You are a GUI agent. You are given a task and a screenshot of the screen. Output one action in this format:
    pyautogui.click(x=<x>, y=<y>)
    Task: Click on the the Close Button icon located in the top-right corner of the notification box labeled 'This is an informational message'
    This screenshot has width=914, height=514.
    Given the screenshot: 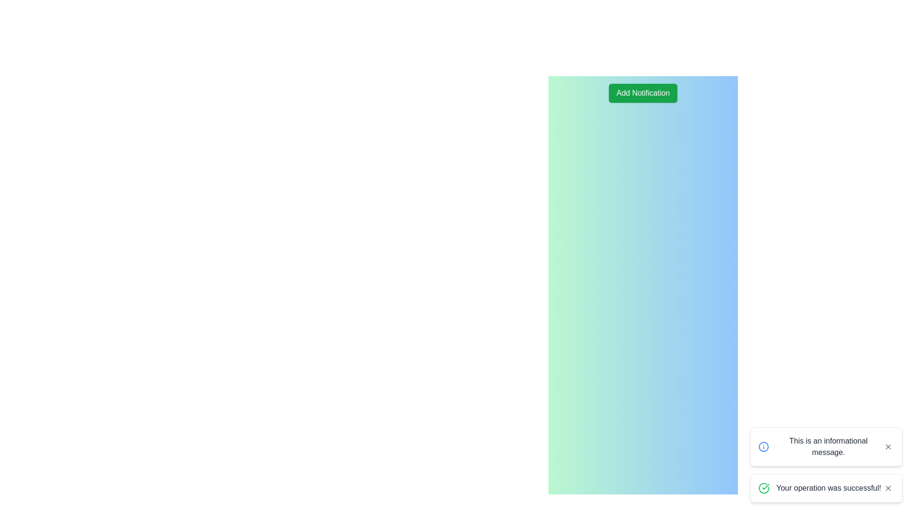 What is the action you would take?
    pyautogui.click(x=888, y=446)
    